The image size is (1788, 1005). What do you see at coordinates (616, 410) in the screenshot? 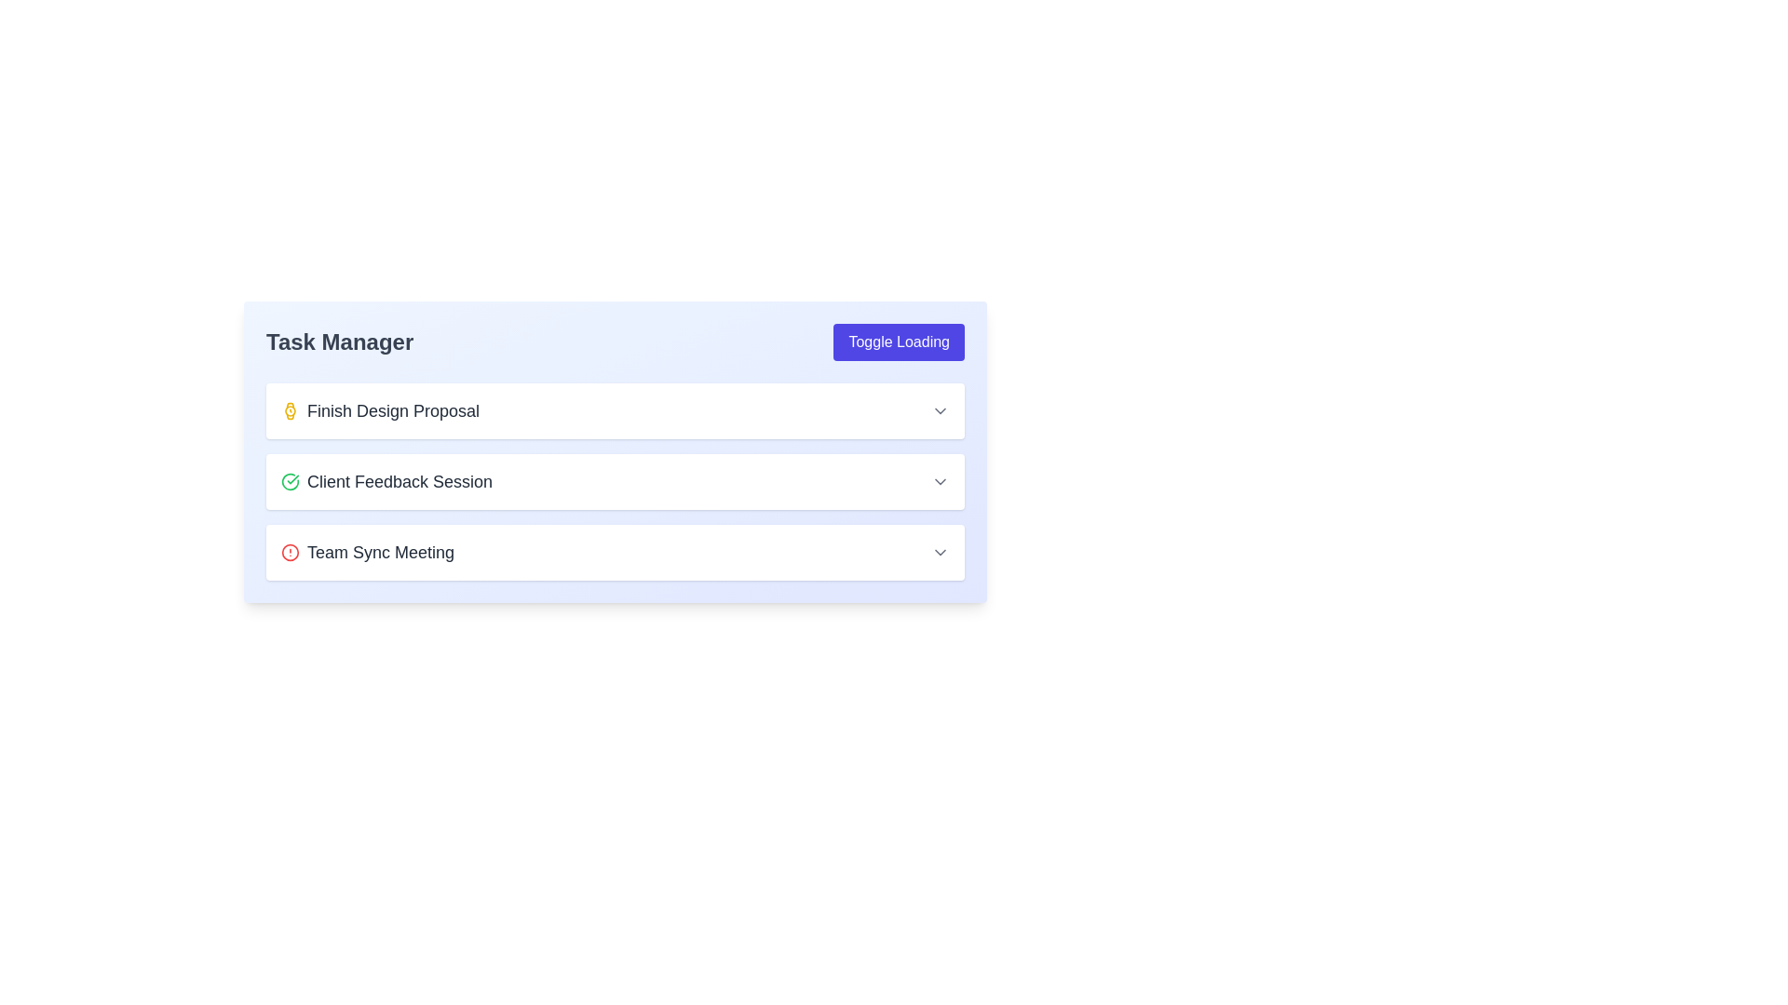
I see `the first expandable list item labeled 'Finish Design Proposal' in the Task Manager section` at bounding box center [616, 410].